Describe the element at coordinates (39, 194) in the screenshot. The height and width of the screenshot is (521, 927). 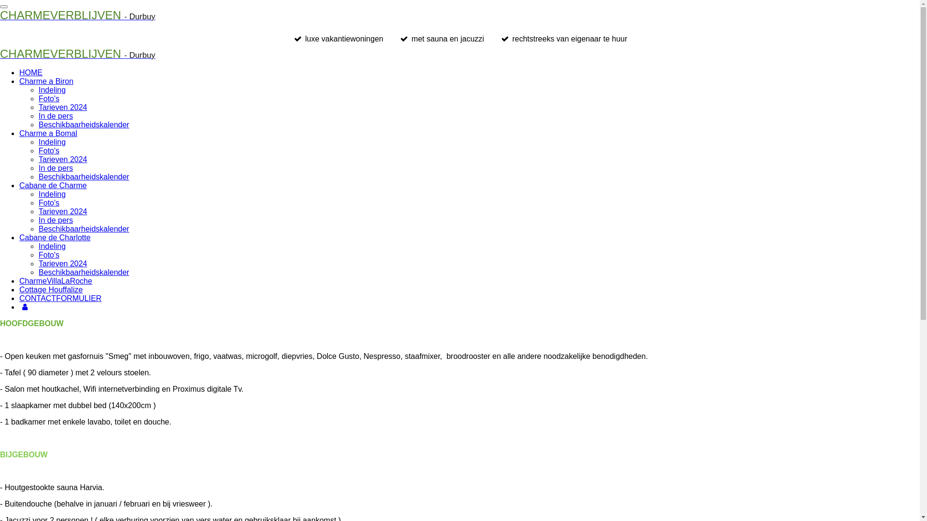
I see `'Indeling'` at that location.